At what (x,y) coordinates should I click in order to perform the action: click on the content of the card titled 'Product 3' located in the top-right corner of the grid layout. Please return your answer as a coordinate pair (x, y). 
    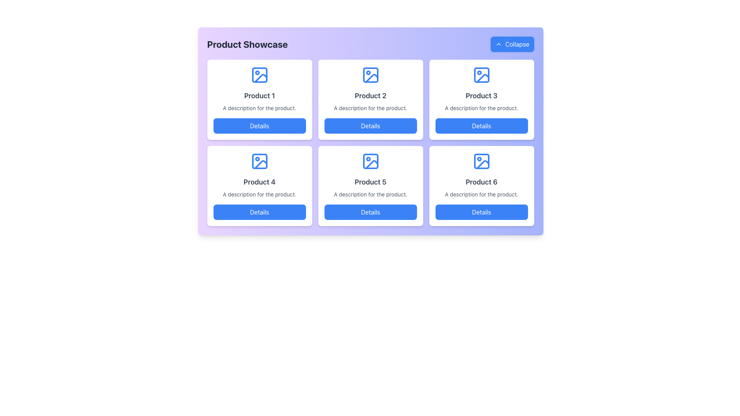
    Looking at the image, I should click on (481, 99).